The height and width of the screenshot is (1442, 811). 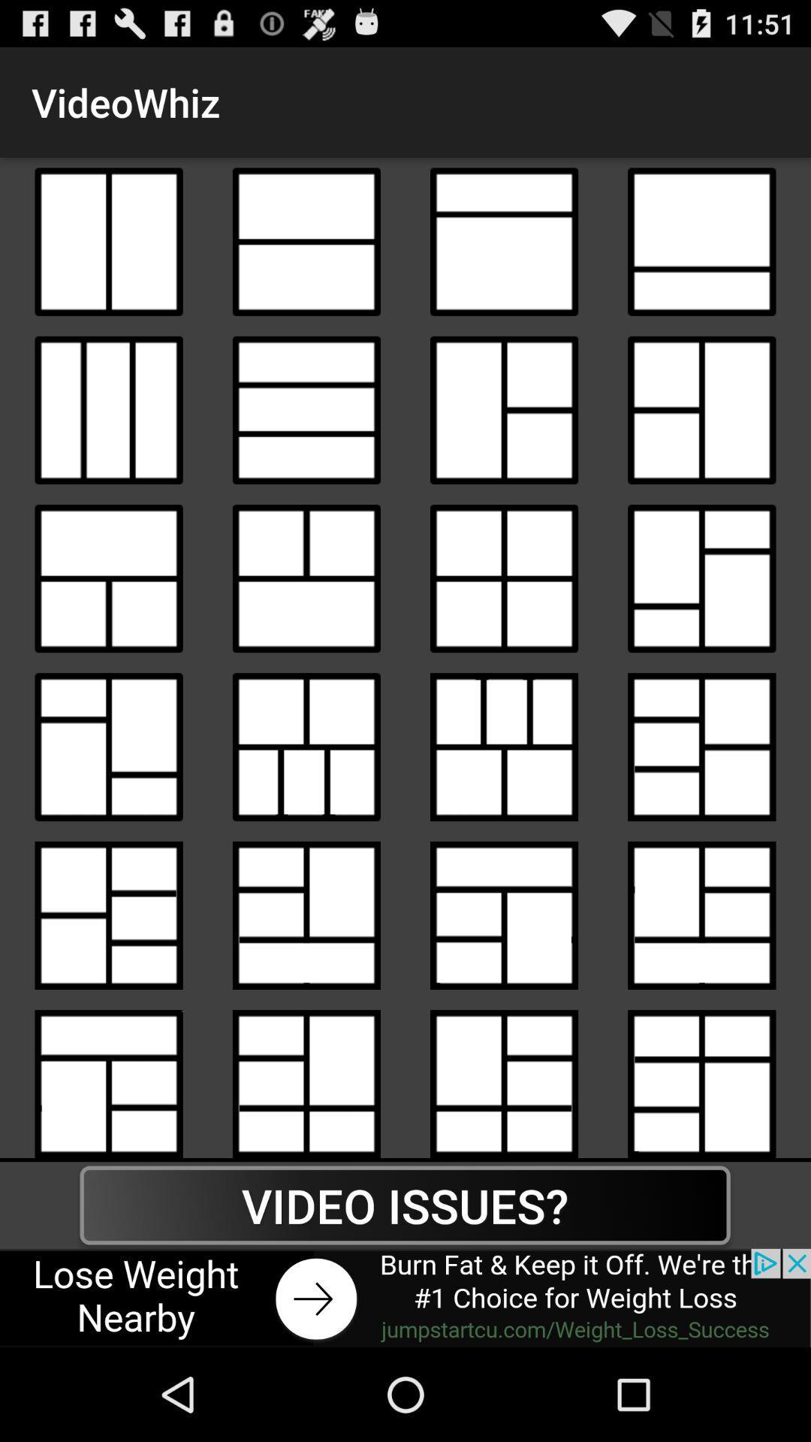 What do you see at coordinates (306, 410) in the screenshot?
I see `collage model box` at bounding box center [306, 410].